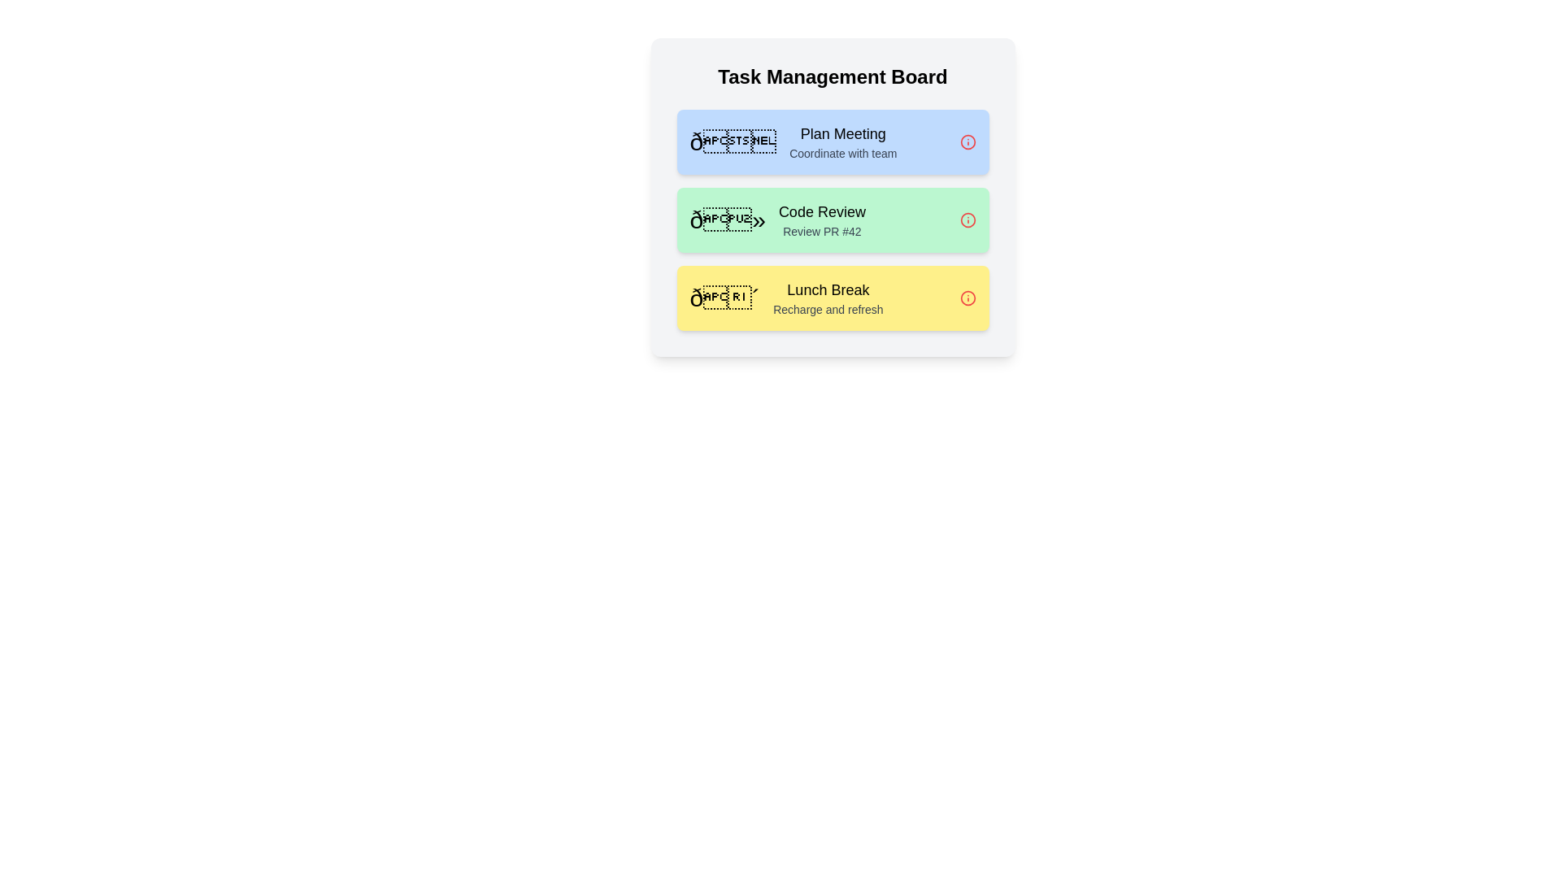 This screenshot has width=1561, height=878. I want to click on remove button on the task titled 'Code Review', so click(967, 219).